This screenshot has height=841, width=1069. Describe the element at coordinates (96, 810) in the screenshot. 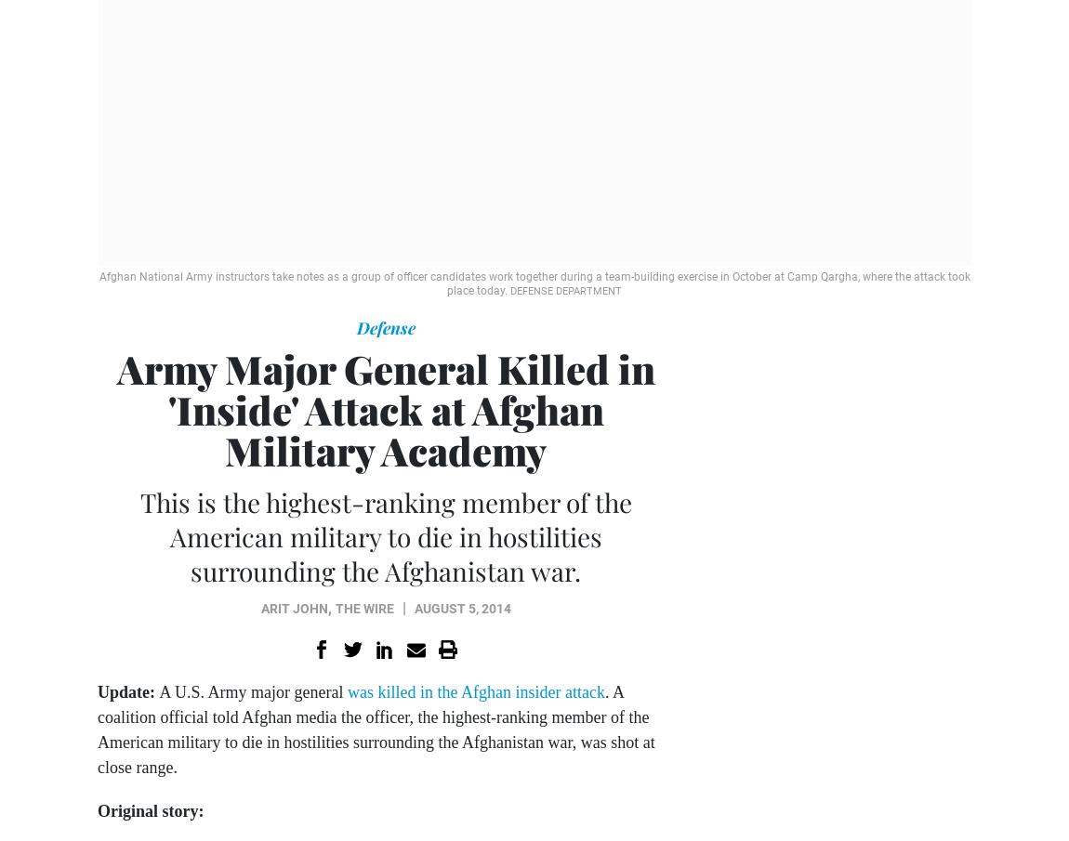

I see `'Original story:'` at that location.